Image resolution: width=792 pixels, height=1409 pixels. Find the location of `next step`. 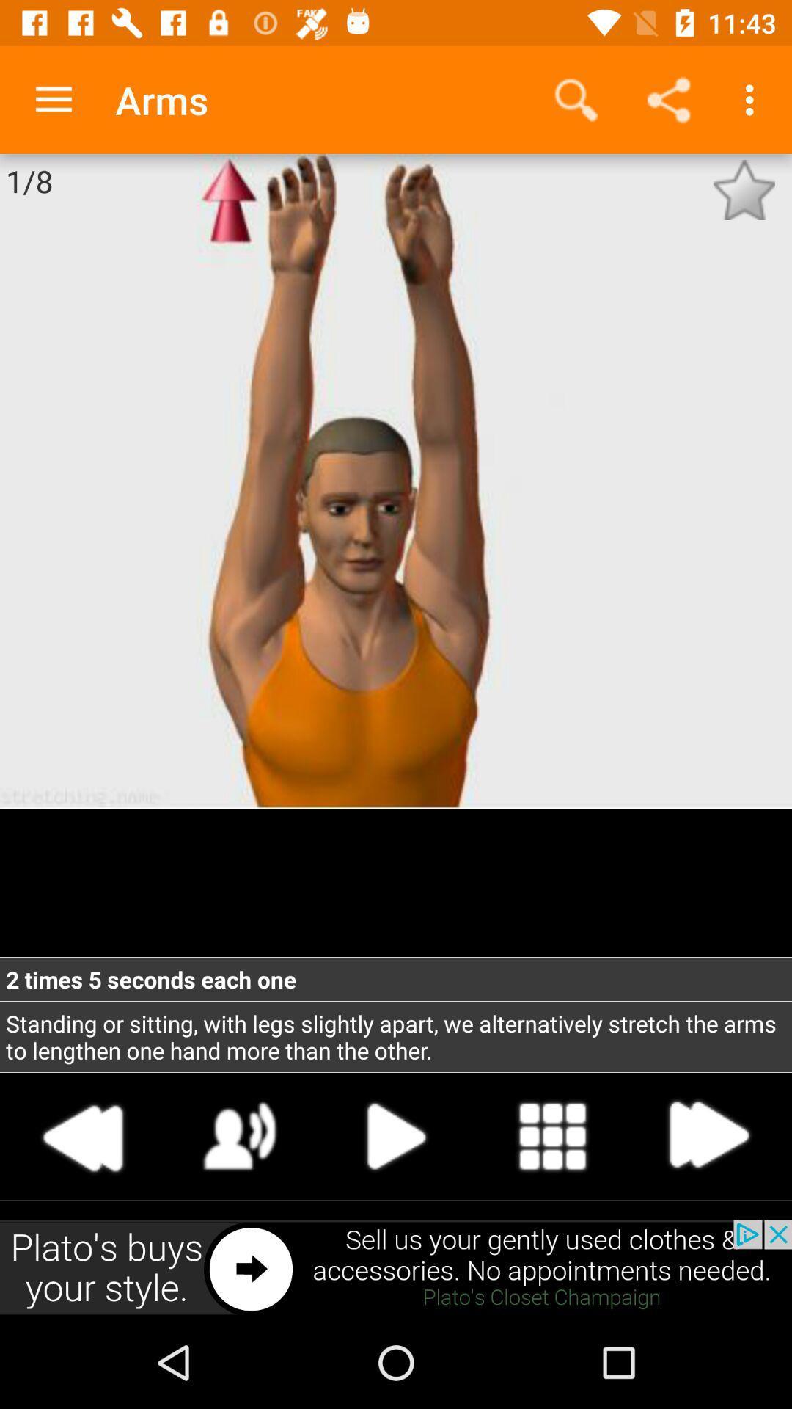

next step is located at coordinates (707, 1135).